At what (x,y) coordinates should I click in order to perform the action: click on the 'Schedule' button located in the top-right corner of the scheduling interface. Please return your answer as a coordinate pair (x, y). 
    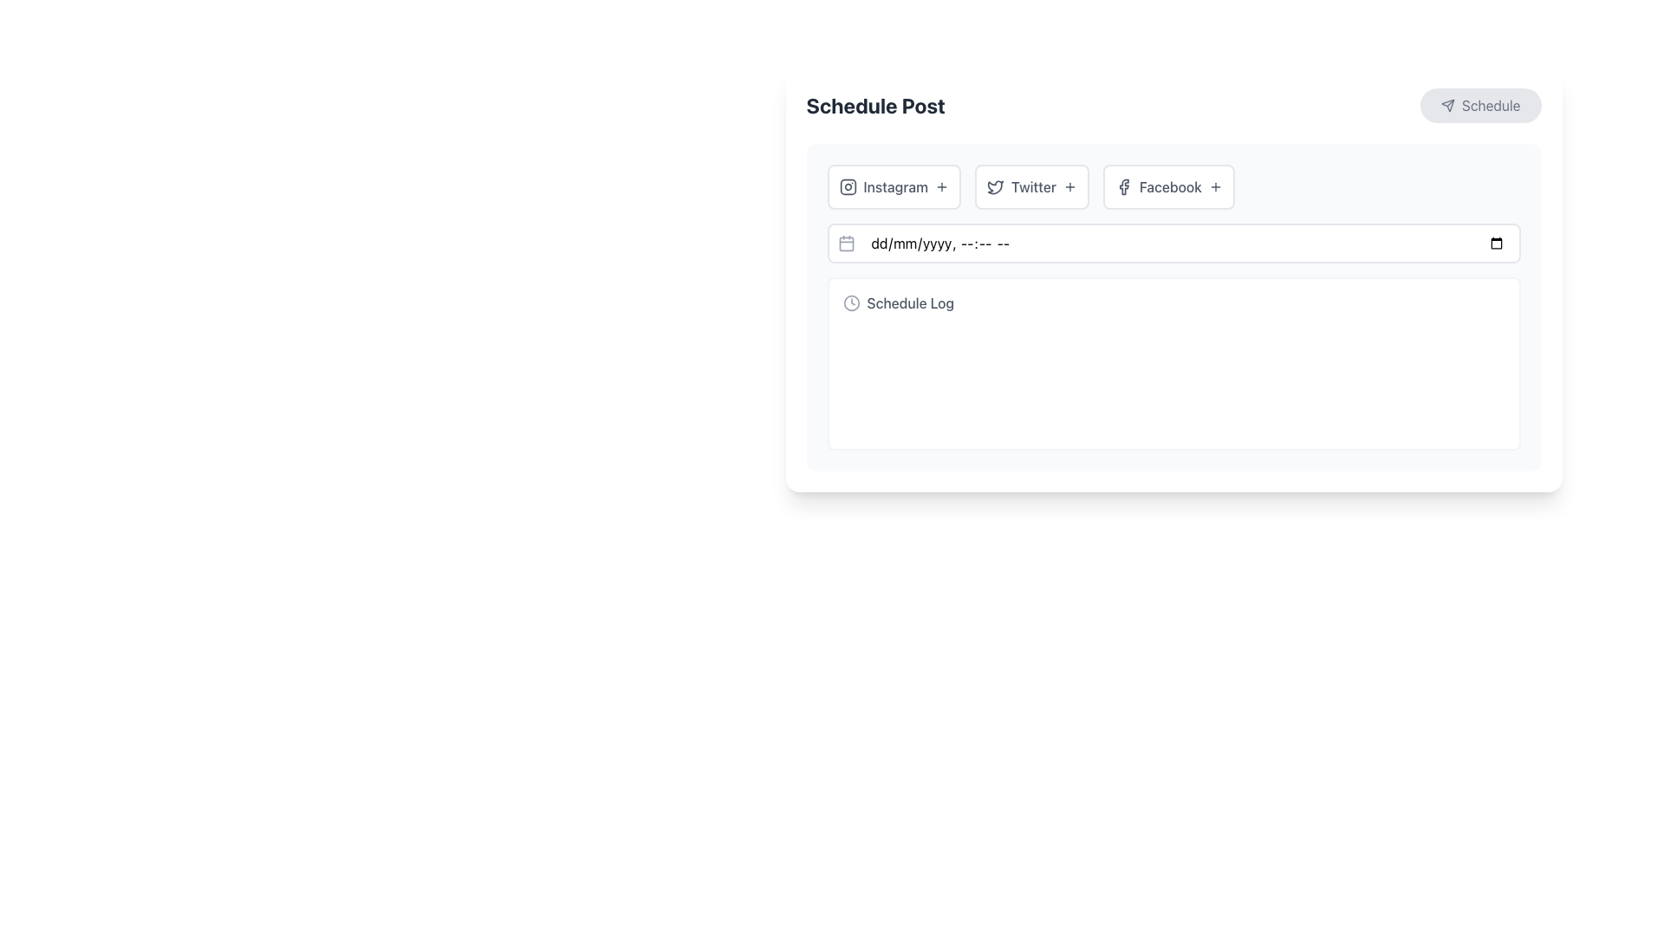
    Looking at the image, I should click on (1447, 104).